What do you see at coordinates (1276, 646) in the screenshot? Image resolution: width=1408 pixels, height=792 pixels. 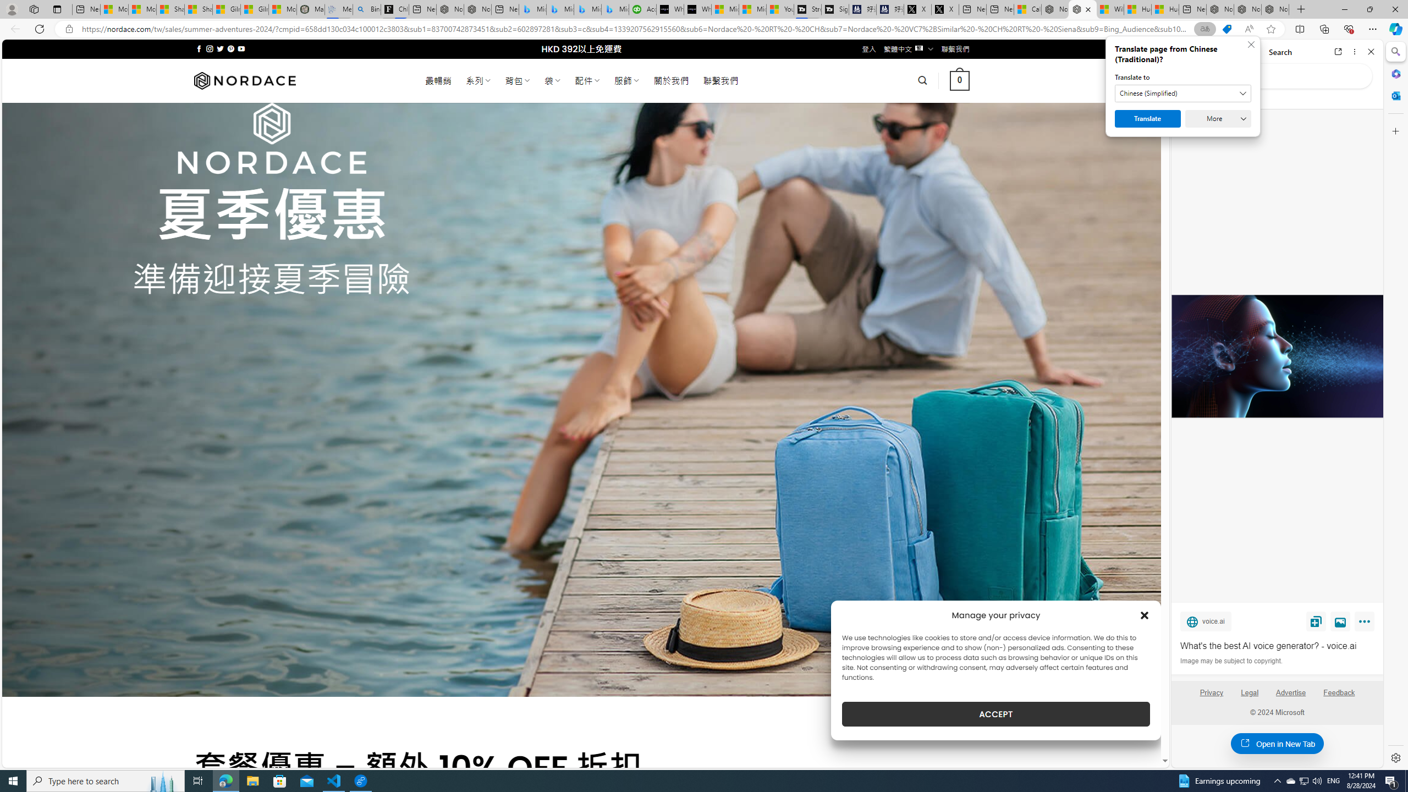 I see `'What'` at bounding box center [1276, 646].